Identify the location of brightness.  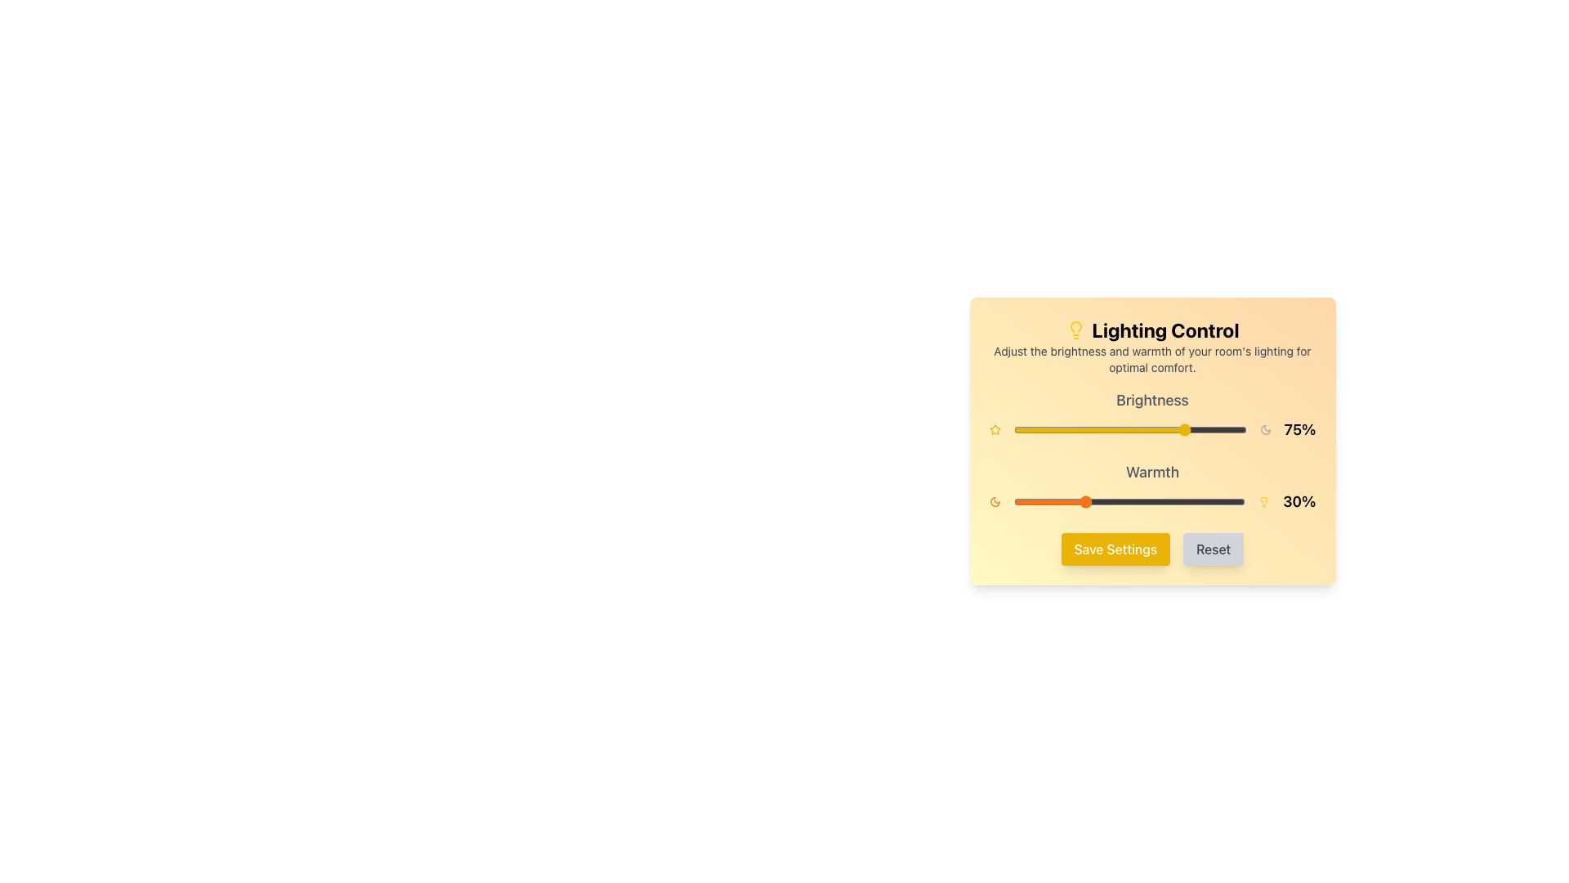
(1070, 428).